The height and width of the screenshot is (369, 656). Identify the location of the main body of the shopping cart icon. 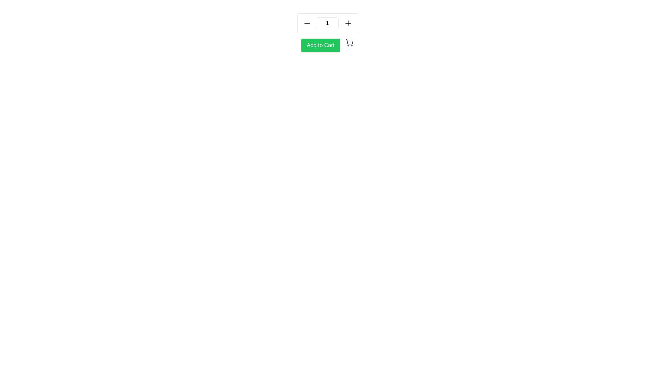
(349, 42).